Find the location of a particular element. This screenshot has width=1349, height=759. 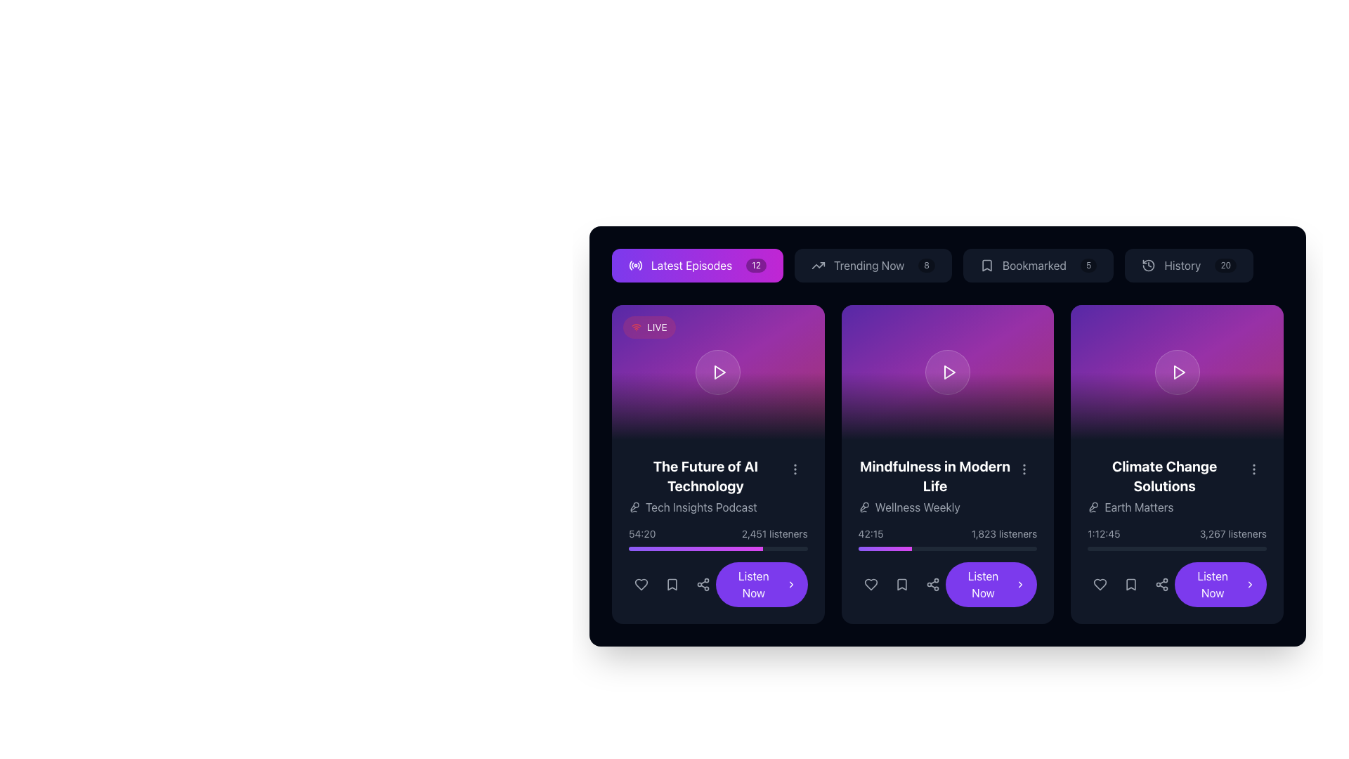

the static text label displaying the number of listeners for the 'Mindfulness in Modern Life' podcast, located near the bottom of the card above the progress bar and 'Listen Now' button is located at coordinates (1003, 533).